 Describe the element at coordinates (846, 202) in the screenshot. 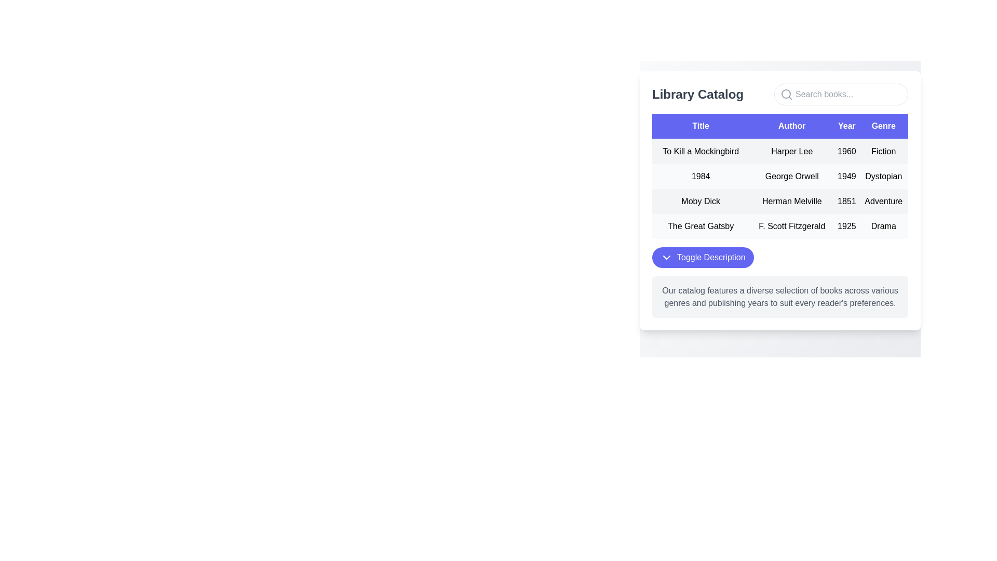

I see `text '1851' displayed under the 'Year' column in the third row of the table, which aligns with 'Moby Dick' and 'Herman Melville'` at that location.